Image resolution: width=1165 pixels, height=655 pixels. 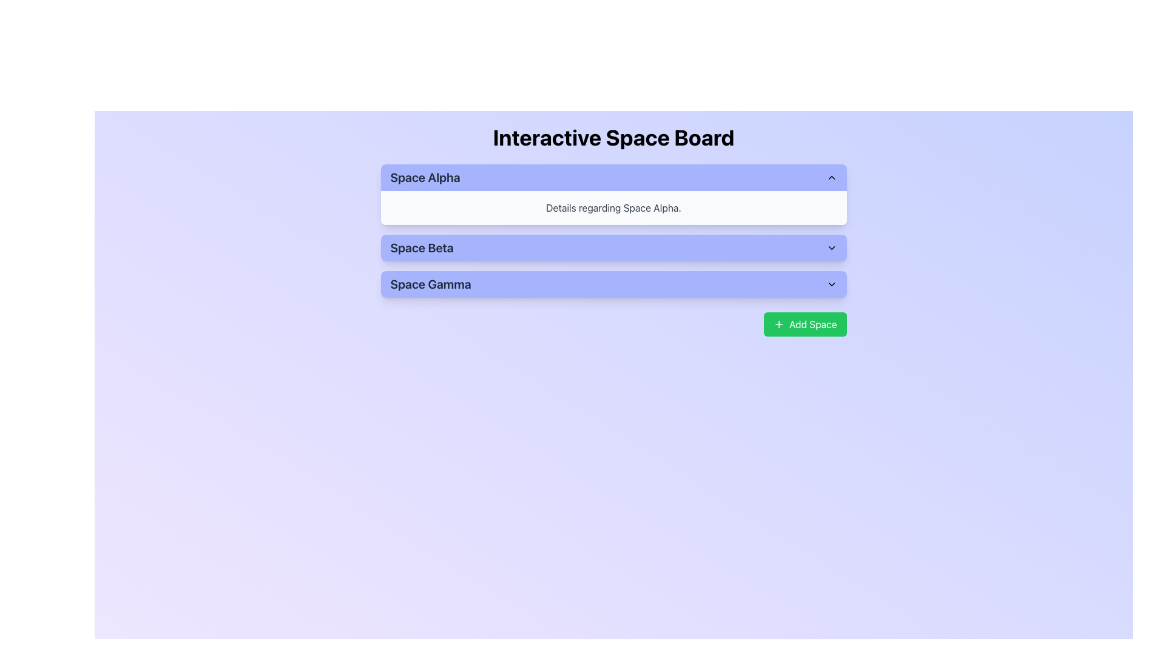 I want to click on the upward pointing chevron button located to the right of the 'Space Alpha' label, so click(x=831, y=178).